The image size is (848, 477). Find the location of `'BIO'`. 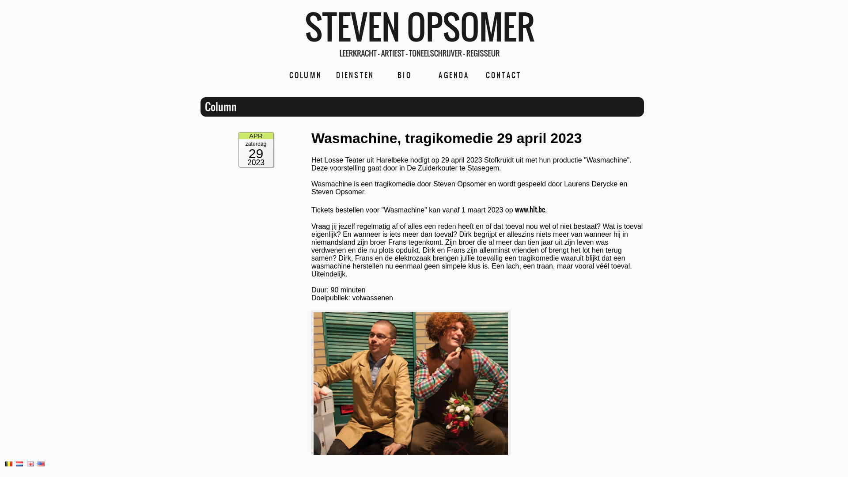

'BIO' is located at coordinates (404, 74).